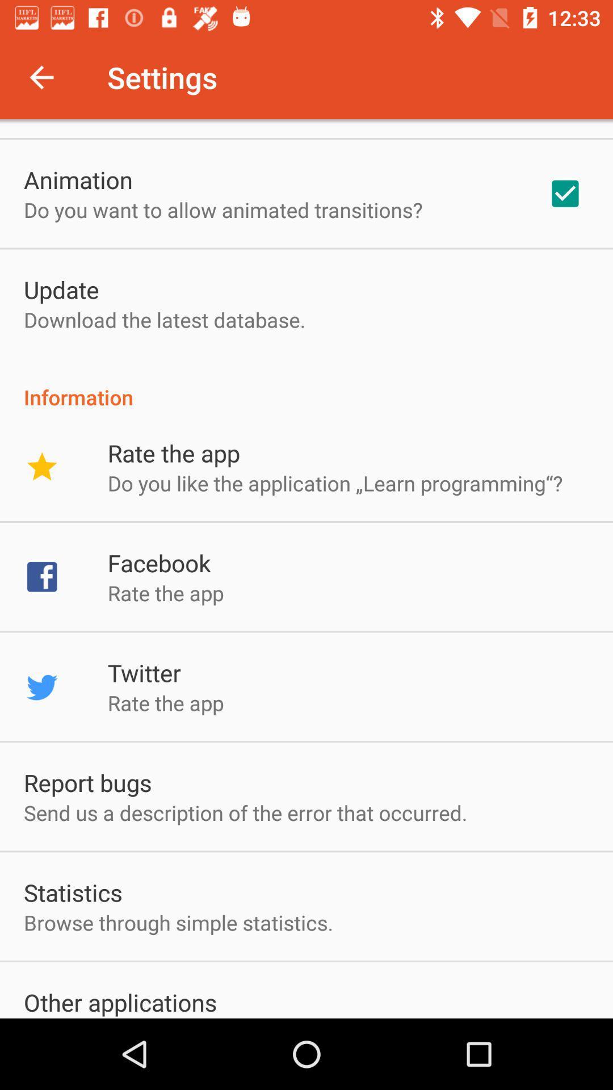  What do you see at coordinates (178, 923) in the screenshot?
I see `icon below statistics` at bounding box center [178, 923].